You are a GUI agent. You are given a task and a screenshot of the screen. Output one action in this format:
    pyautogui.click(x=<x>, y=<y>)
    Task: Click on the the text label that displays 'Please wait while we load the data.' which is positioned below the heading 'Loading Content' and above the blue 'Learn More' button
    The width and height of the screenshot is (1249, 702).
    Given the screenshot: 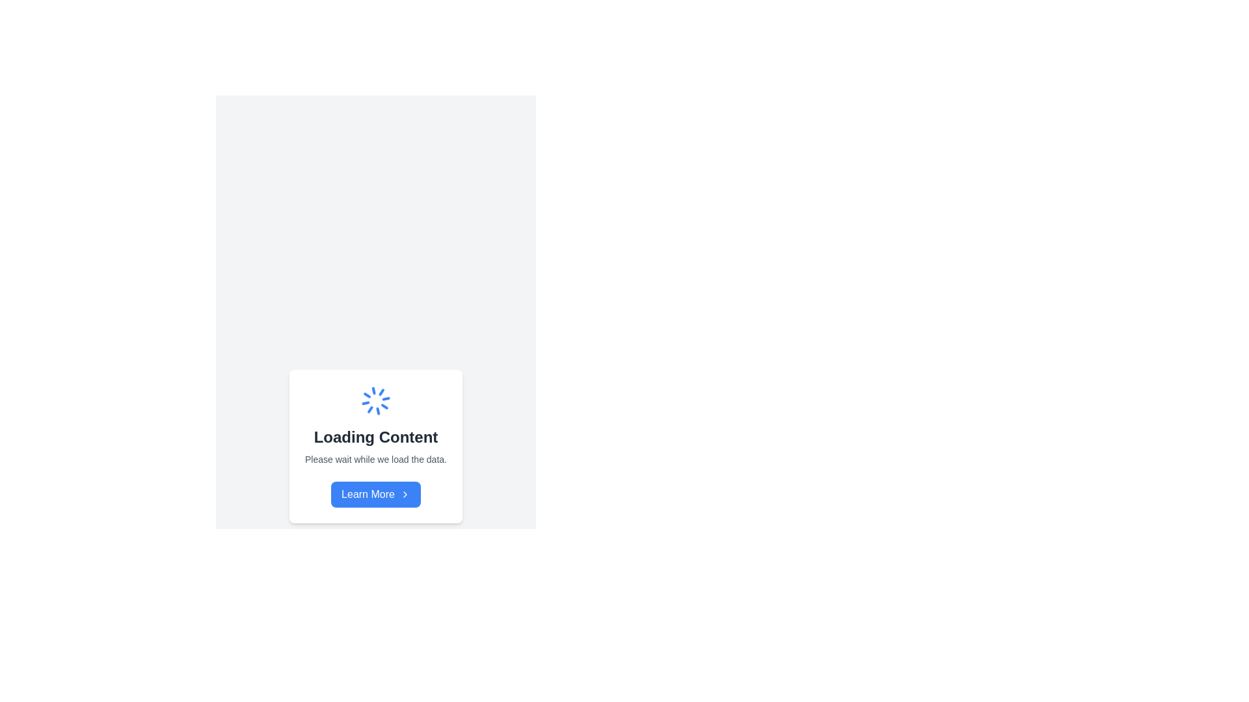 What is the action you would take?
    pyautogui.click(x=375, y=458)
    